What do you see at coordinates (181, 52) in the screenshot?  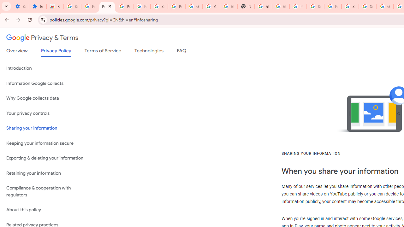 I see `'FAQ'` at bounding box center [181, 52].